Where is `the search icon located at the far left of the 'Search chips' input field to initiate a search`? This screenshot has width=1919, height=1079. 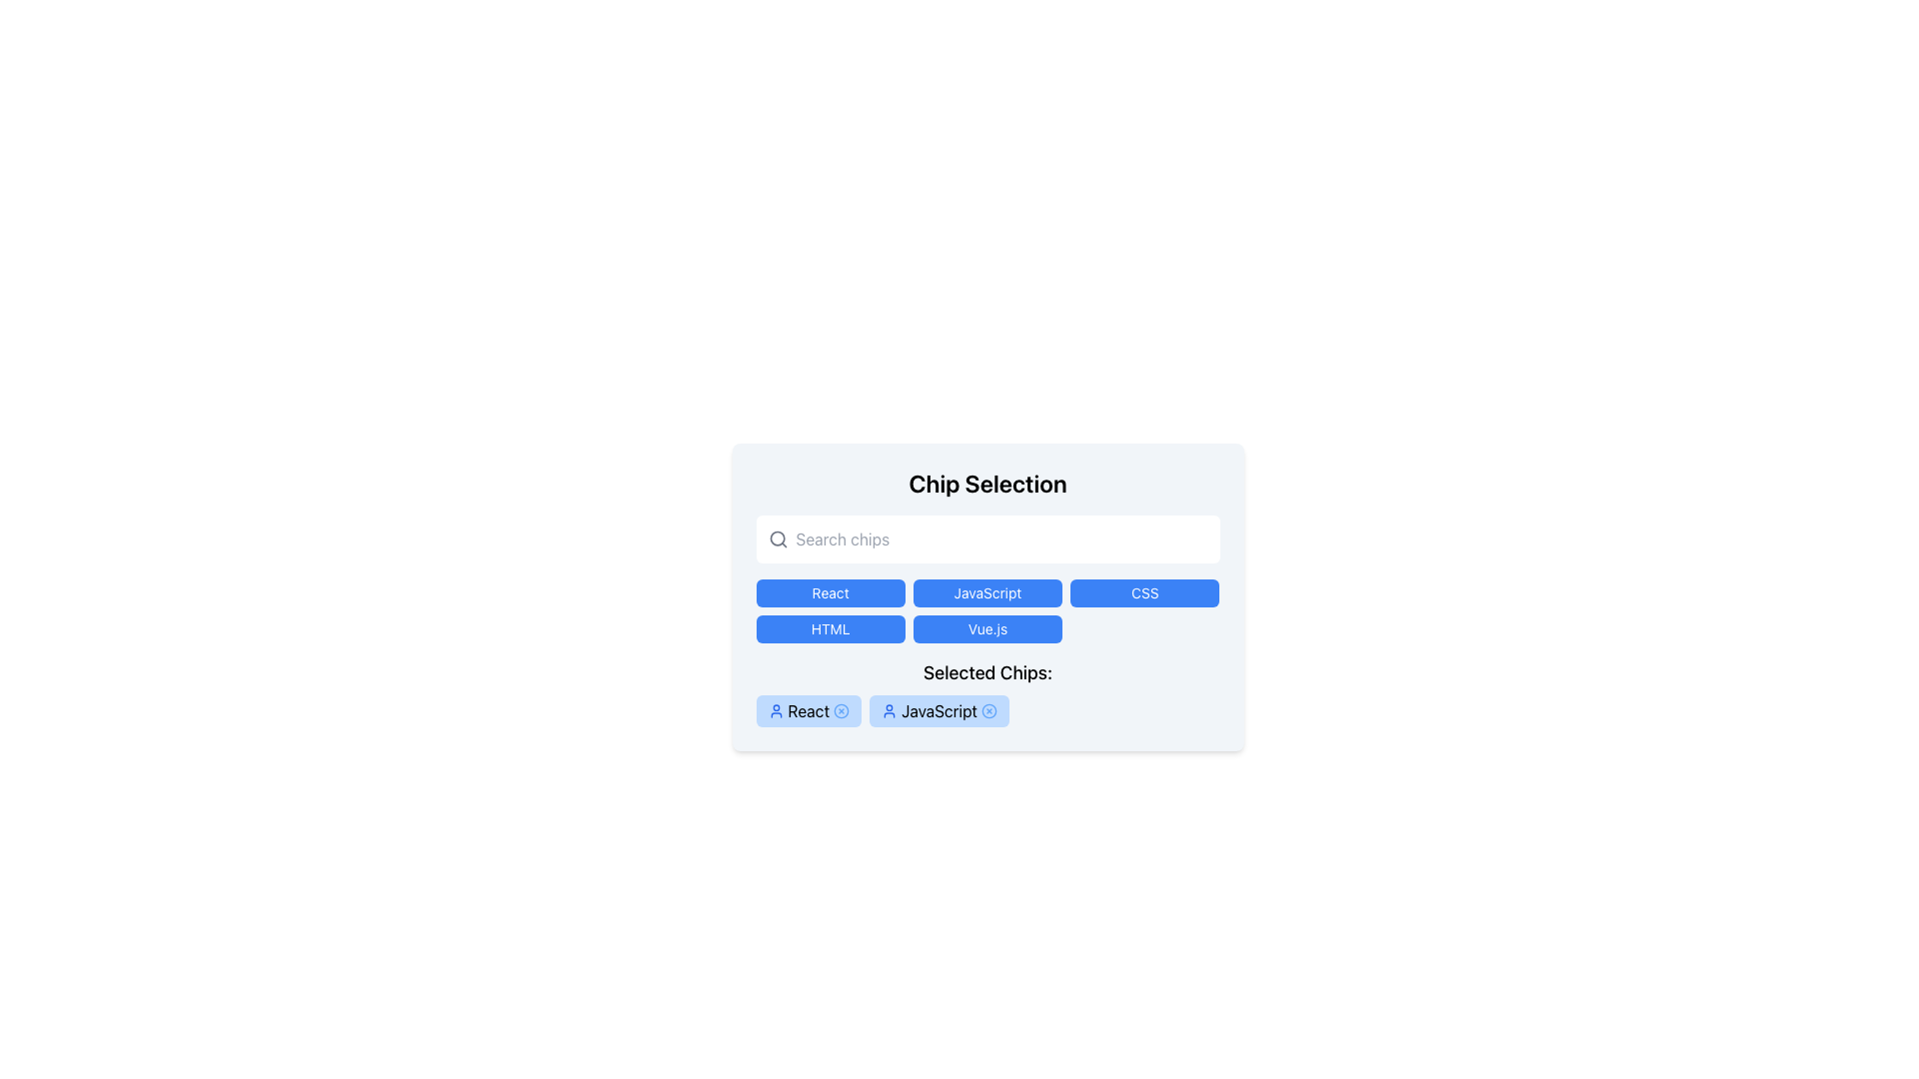
the search icon located at the far left of the 'Search chips' input field to initiate a search is located at coordinates (777, 539).